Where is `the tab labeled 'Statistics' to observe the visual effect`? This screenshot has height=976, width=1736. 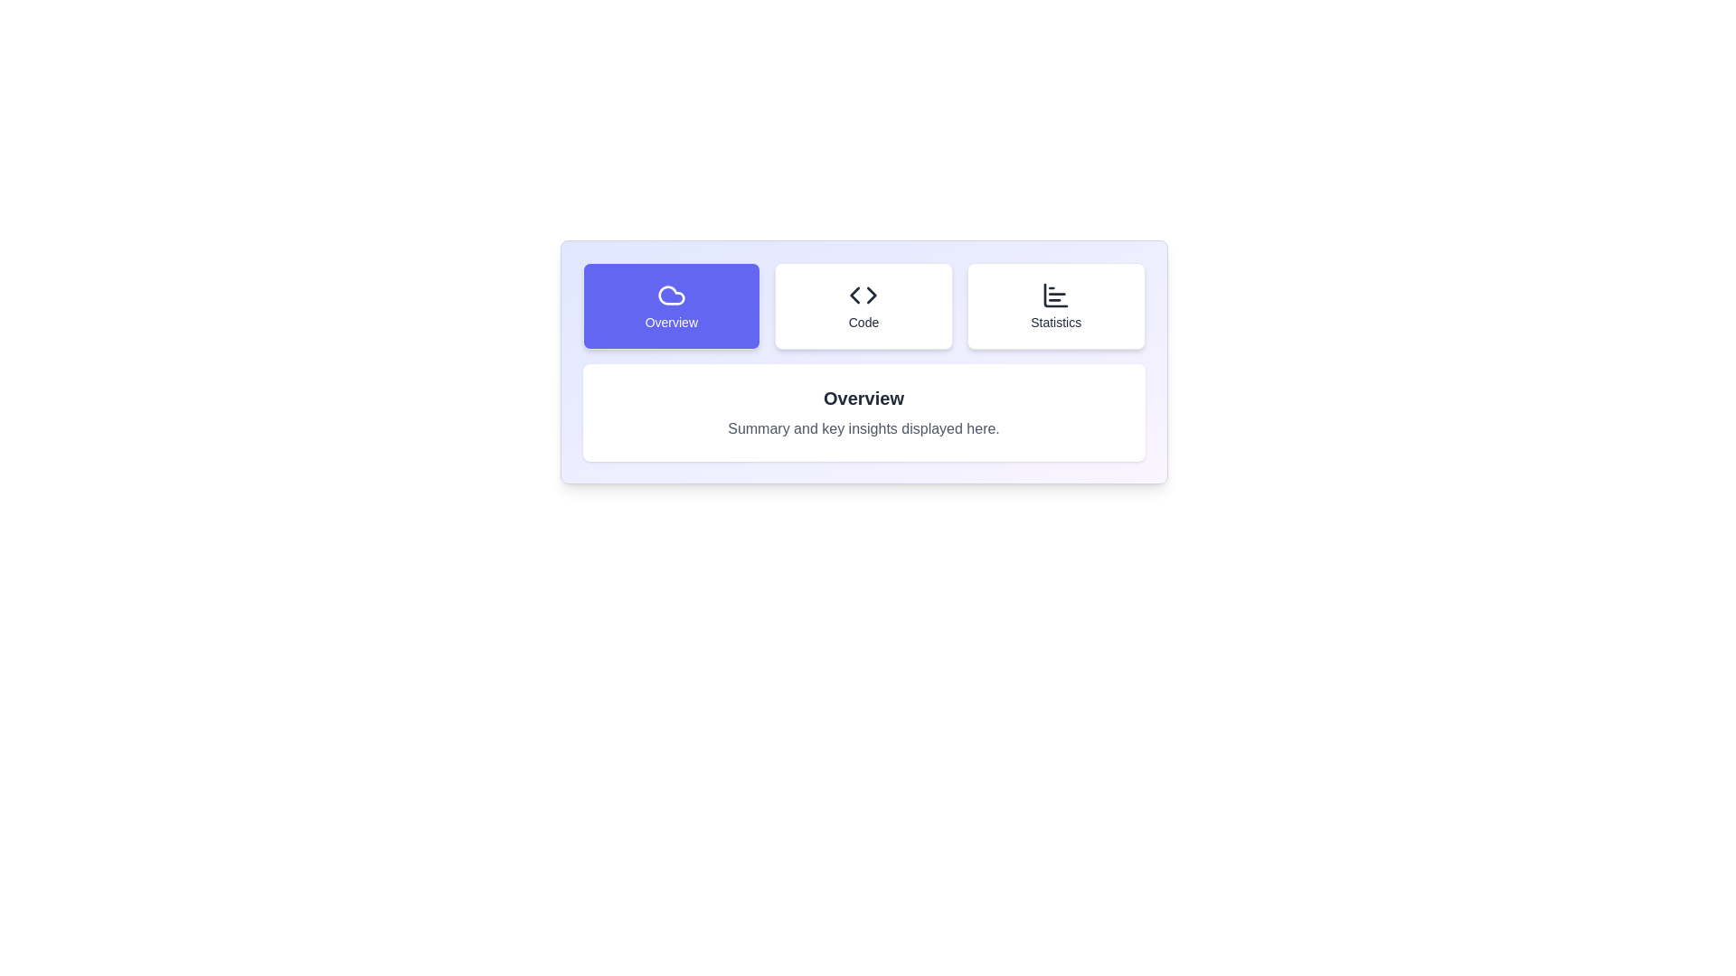 the tab labeled 'Statistics' to observe the visual effect is located at coordinates (1055, 305).